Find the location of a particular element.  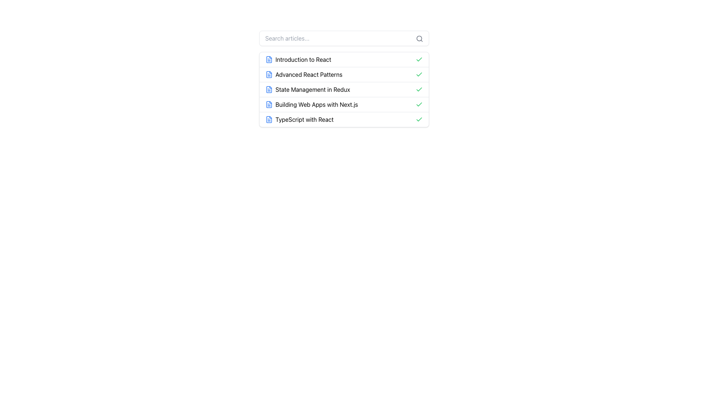

the document file icon, which has a blue fill color and a folded top corner, positioned above a smaller folded corner icon in the list of icons is located at coordinates (268, 119).